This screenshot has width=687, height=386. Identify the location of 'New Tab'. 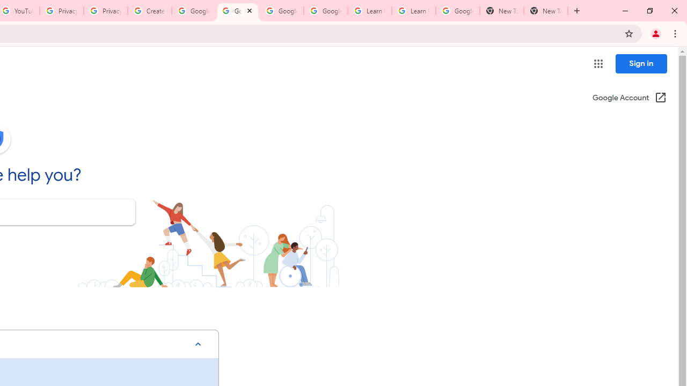
(501, 11).